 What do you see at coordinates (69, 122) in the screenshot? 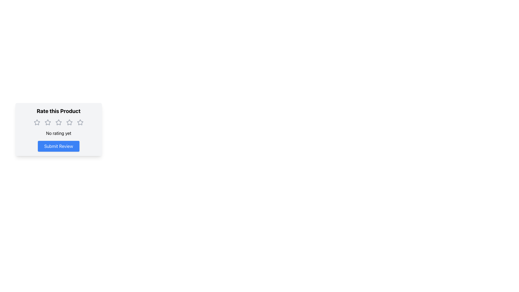
I see `the fourth star icon in the 'Rate this Product' rating field` at bounding box center [69, 122].